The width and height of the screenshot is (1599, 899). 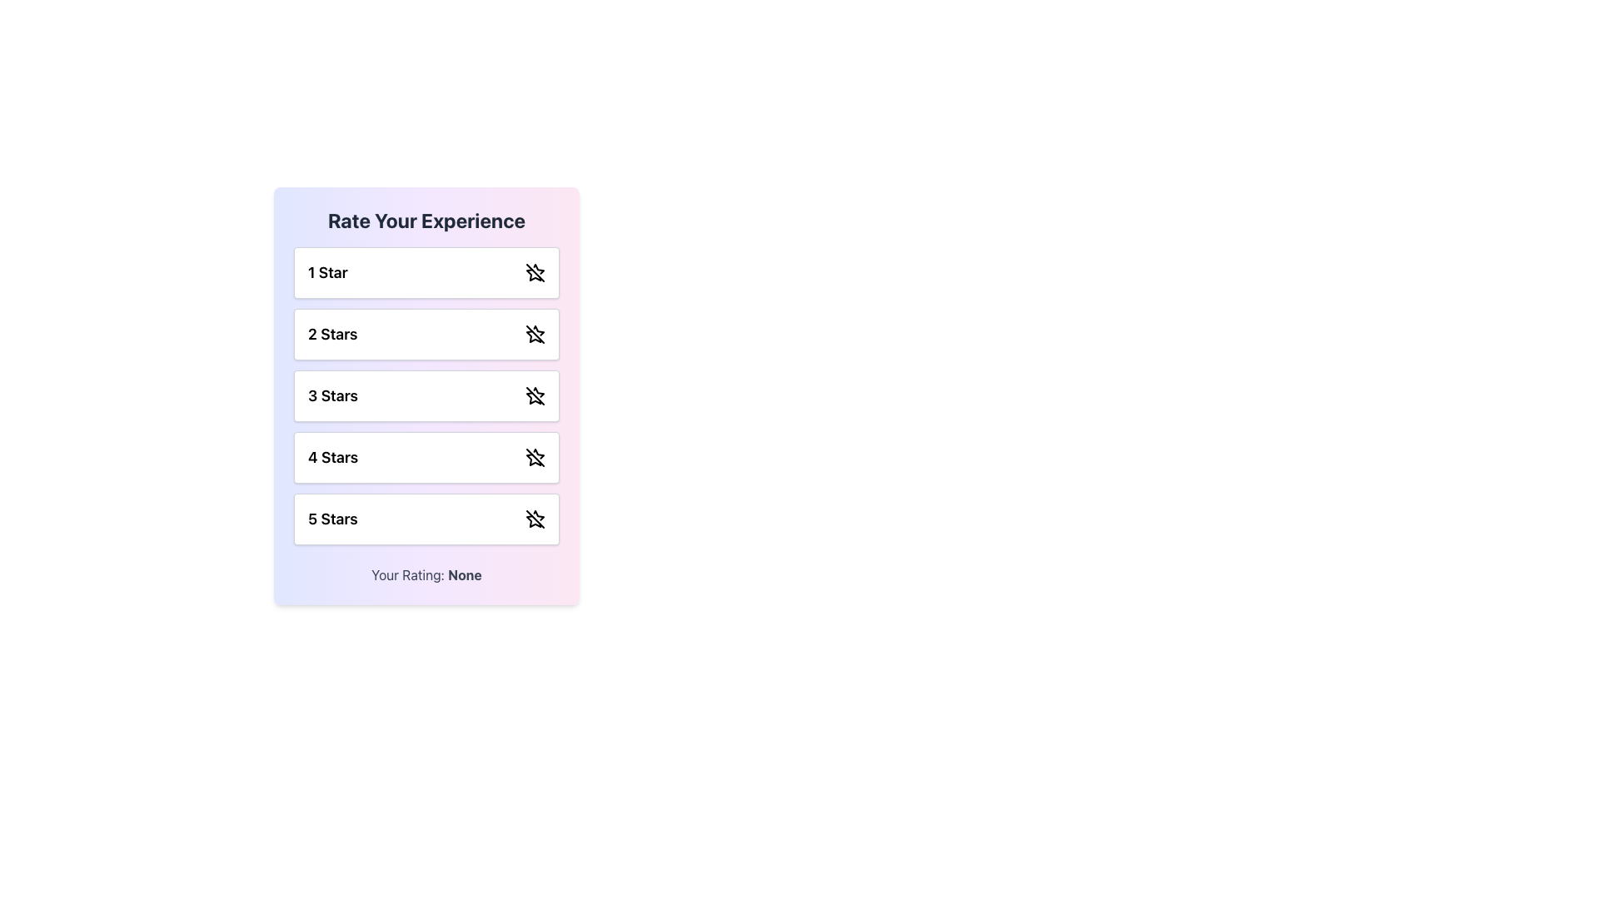 What do you see at coordinates (535, 334) in the screenshot?
I see `the SVG line component representing the 'inactive' state of the second star icon in the rating interface, located next to the '2 Stars' label` at bounding box center [535, 334].